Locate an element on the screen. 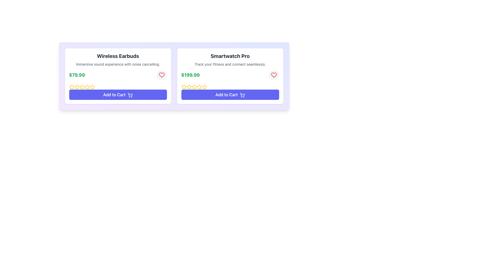  the third yellow star icon with a black outline in the rating system at the bottom of the 'Smartwatch Pro' product card to interact with the rating system is located at coordinates (189, 87).